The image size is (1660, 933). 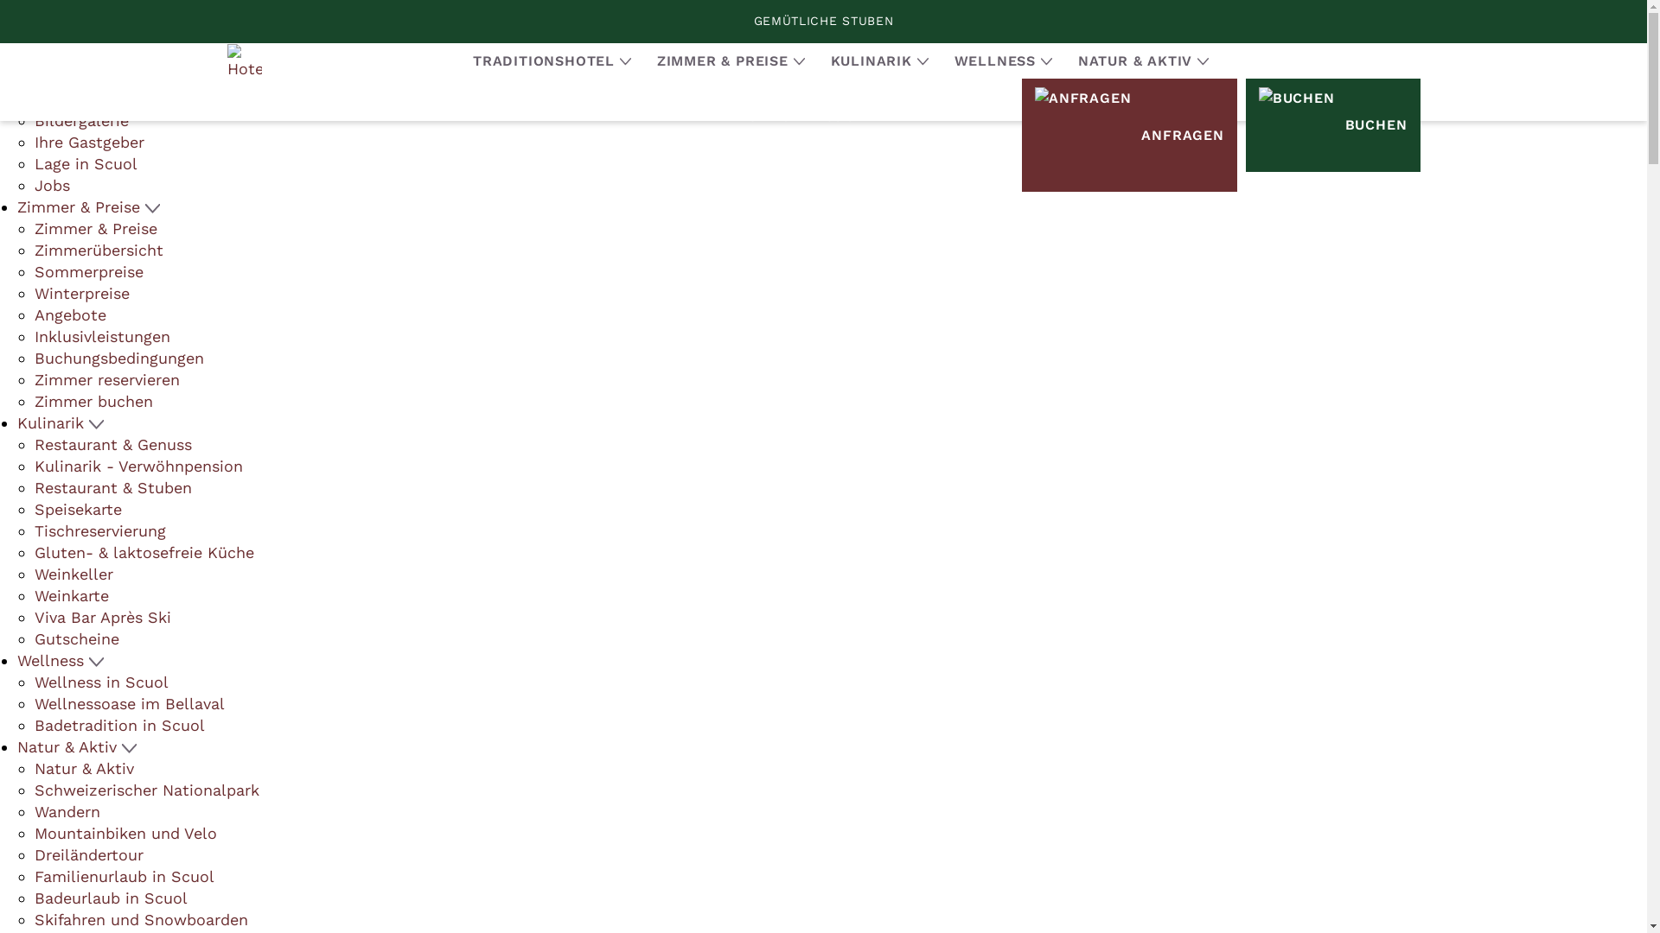 I want to click on 'Weinkeller', so click(x=34, y=574).